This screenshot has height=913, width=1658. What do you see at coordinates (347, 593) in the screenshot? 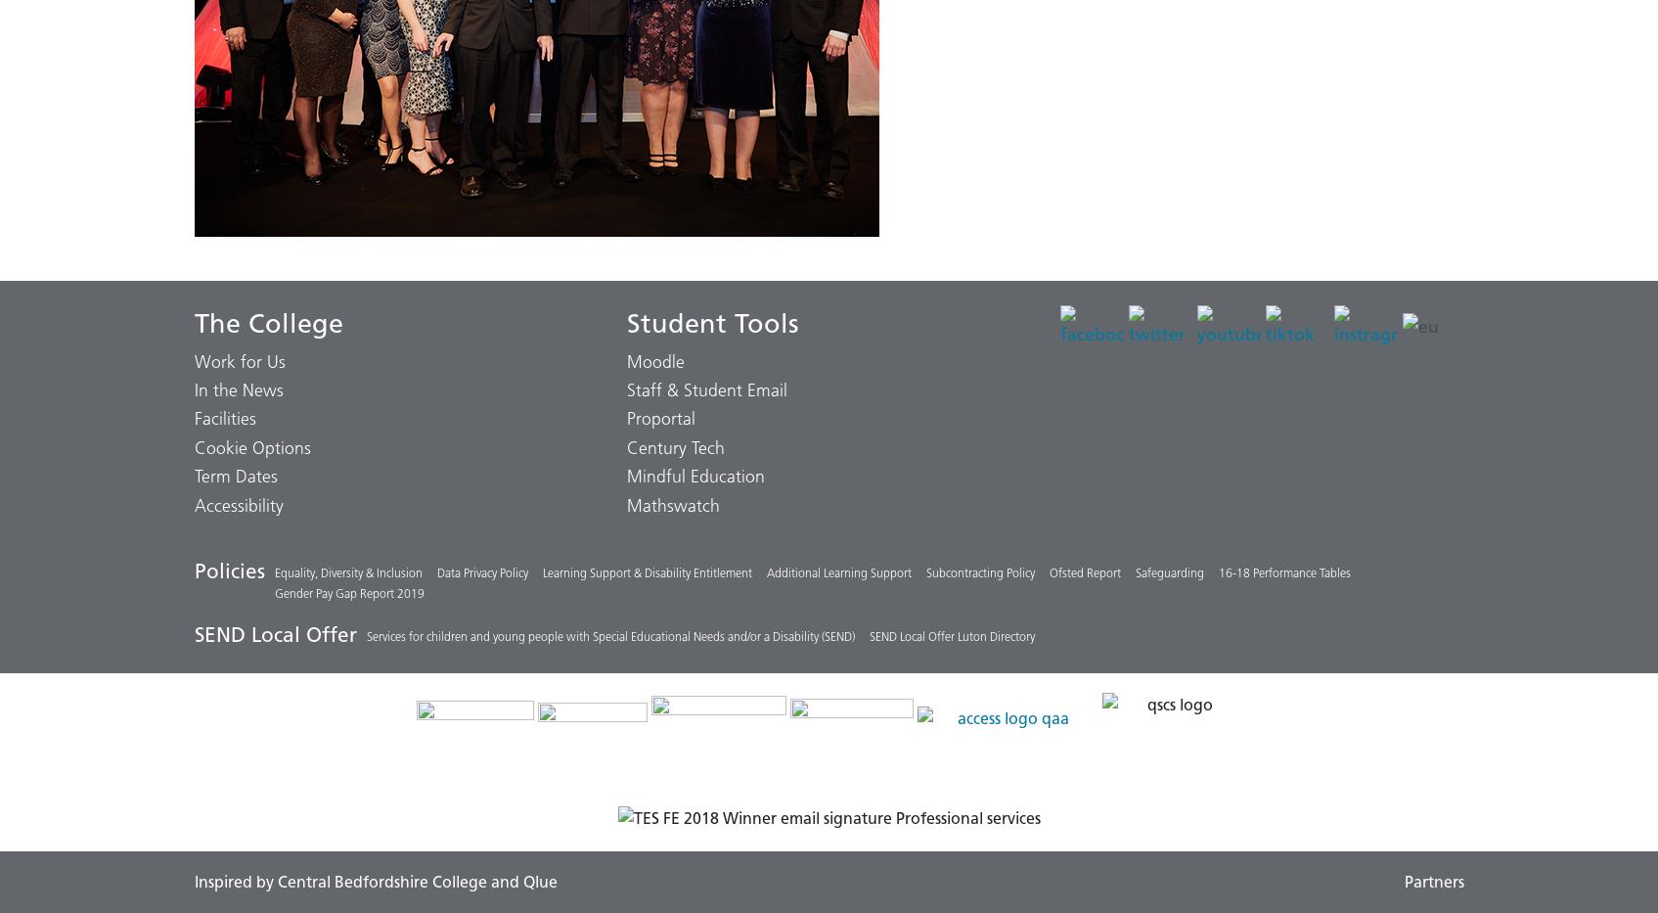
I see `'Gender Pay Gap Report 2019'` at bounding box center [347, 593].